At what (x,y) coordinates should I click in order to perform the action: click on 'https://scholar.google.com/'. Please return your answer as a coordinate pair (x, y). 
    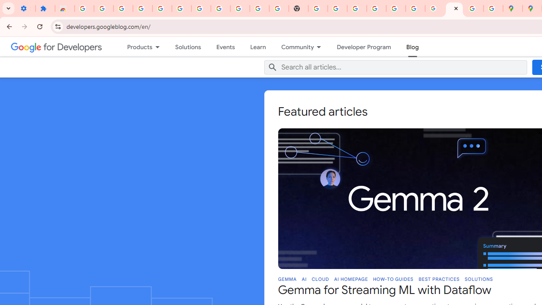
    Looking at the image, I should click on (318, 8).